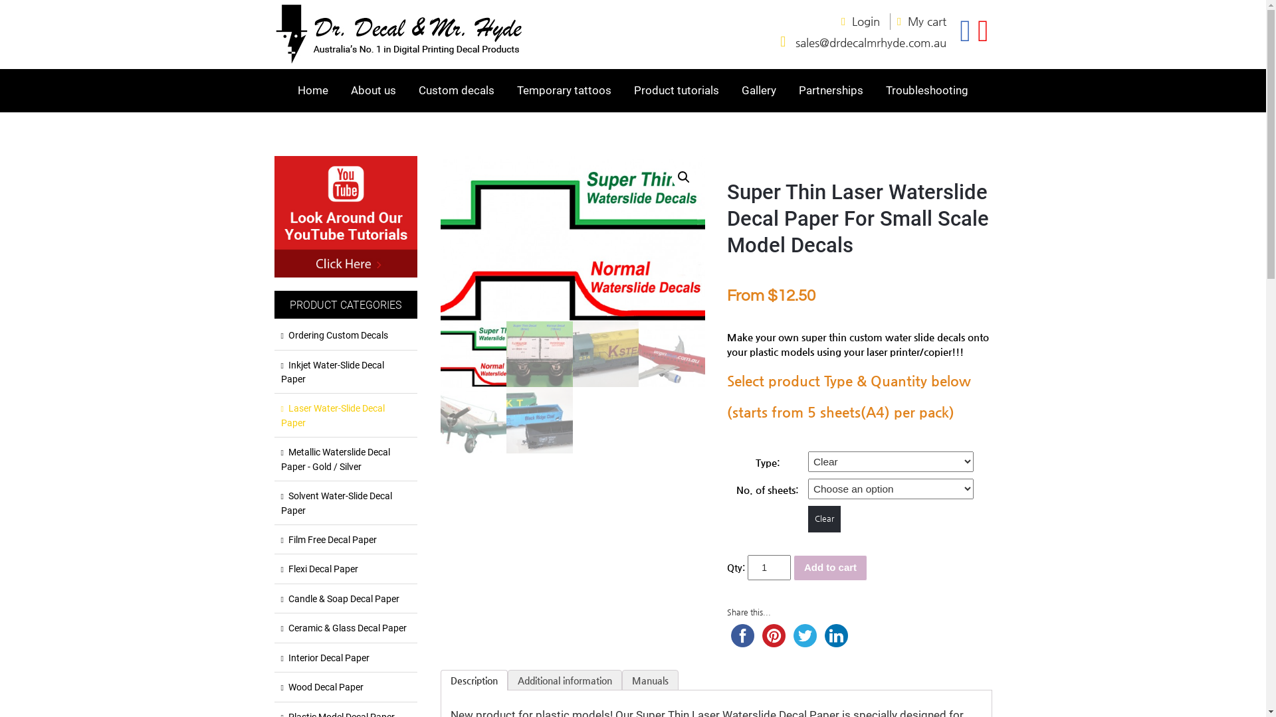  Describe the element at coordinates (564, 680) in the screenshot. I see `'Additional information'` at that location.